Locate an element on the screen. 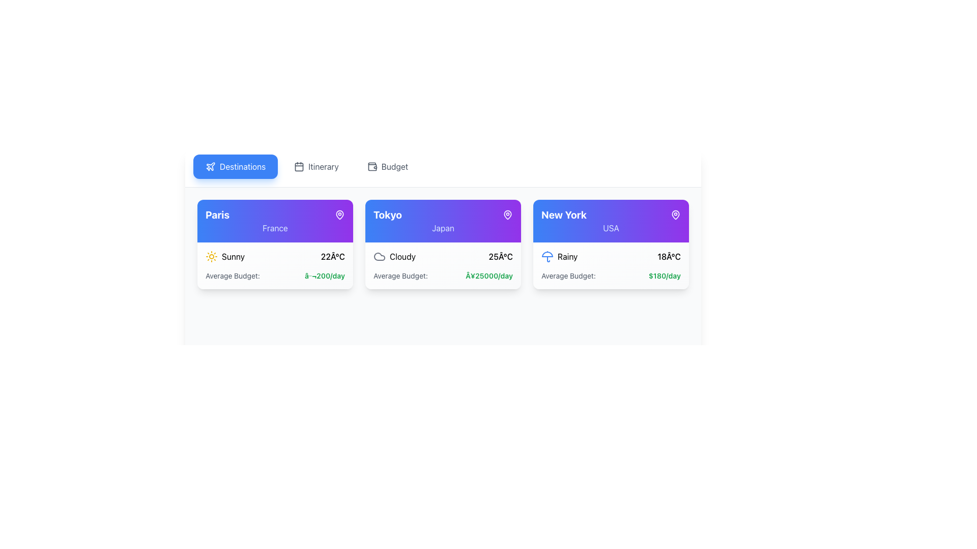  the static text label 'Japan' located directly below the 'Tokyo' title in the central card of the UI layout is located at coordinates (443, 227).